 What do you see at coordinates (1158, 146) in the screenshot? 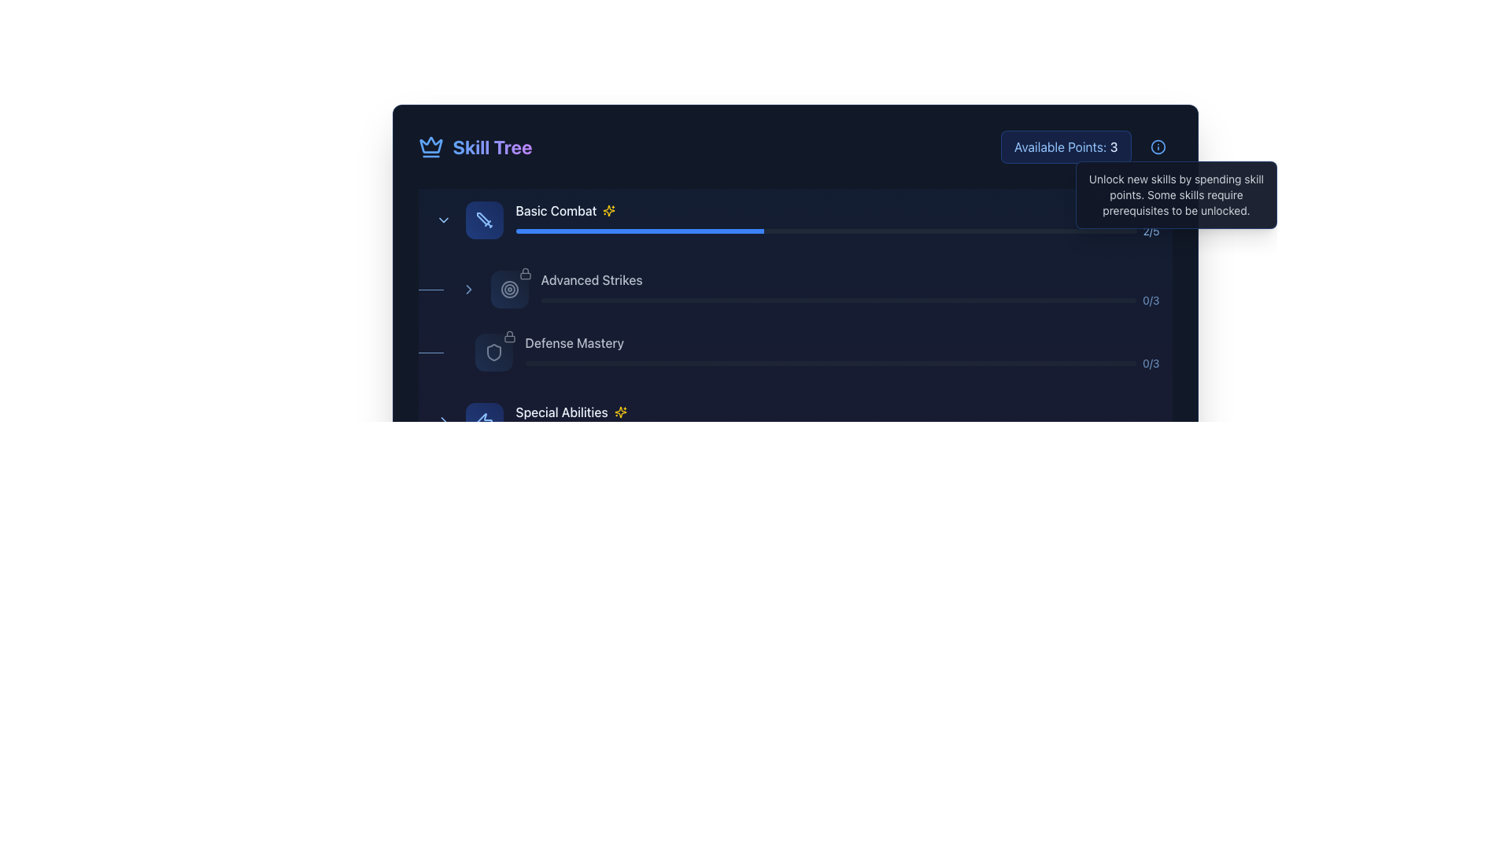
I see `the Interactive info icon with a light blue border and dark blue background located next to the 'Available Points: 3' text` at bounding box center [1158, 146].